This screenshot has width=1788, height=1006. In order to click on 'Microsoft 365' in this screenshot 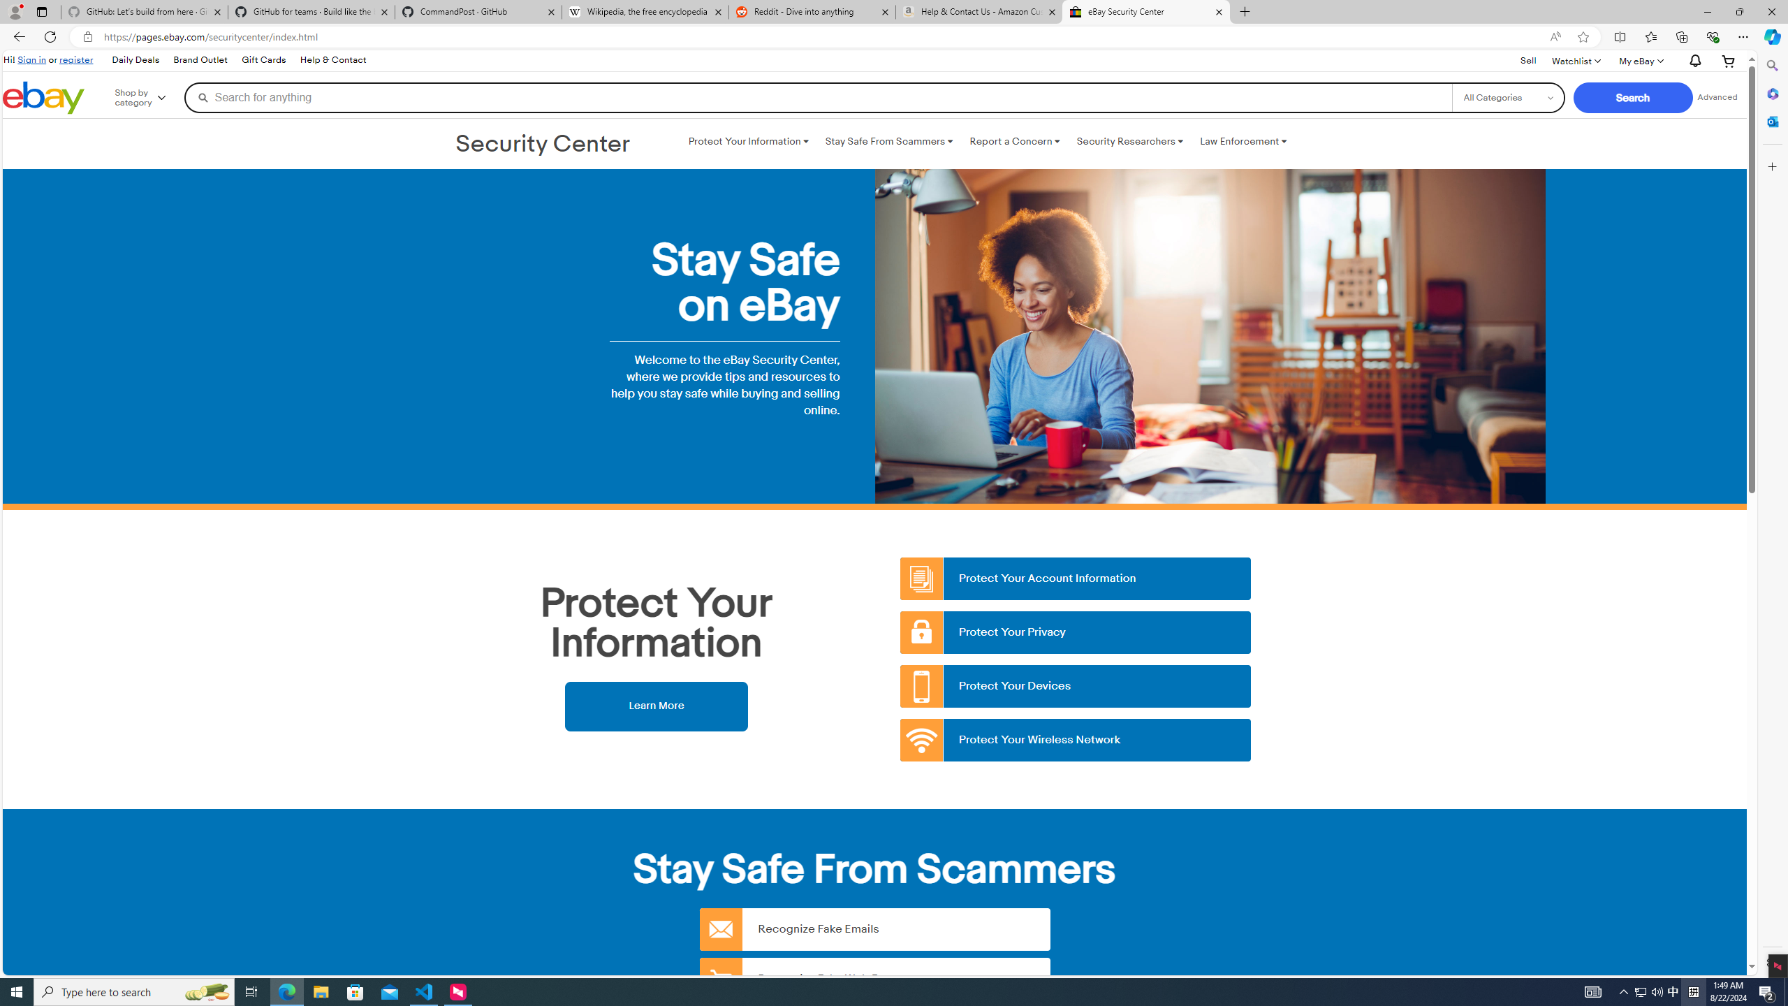, I will do `click(1771, 94)`.